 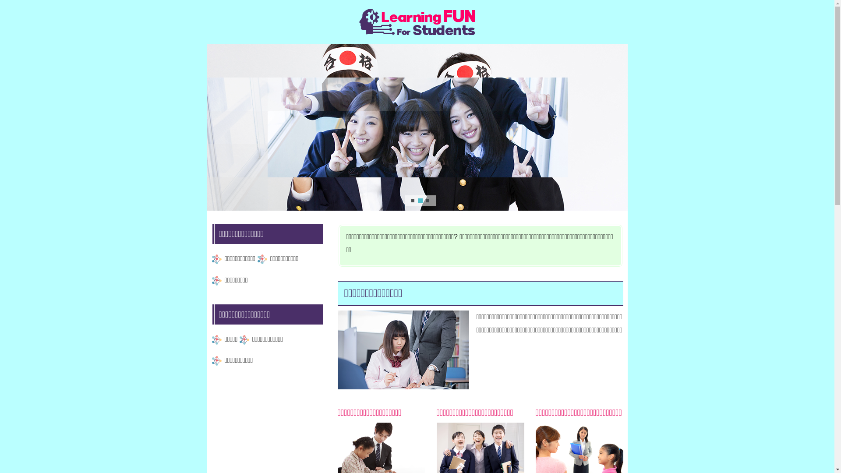 What do you see at coordinates (420, 201) in the screenshot?
I see `'2'` at bounding box center [420, 201].